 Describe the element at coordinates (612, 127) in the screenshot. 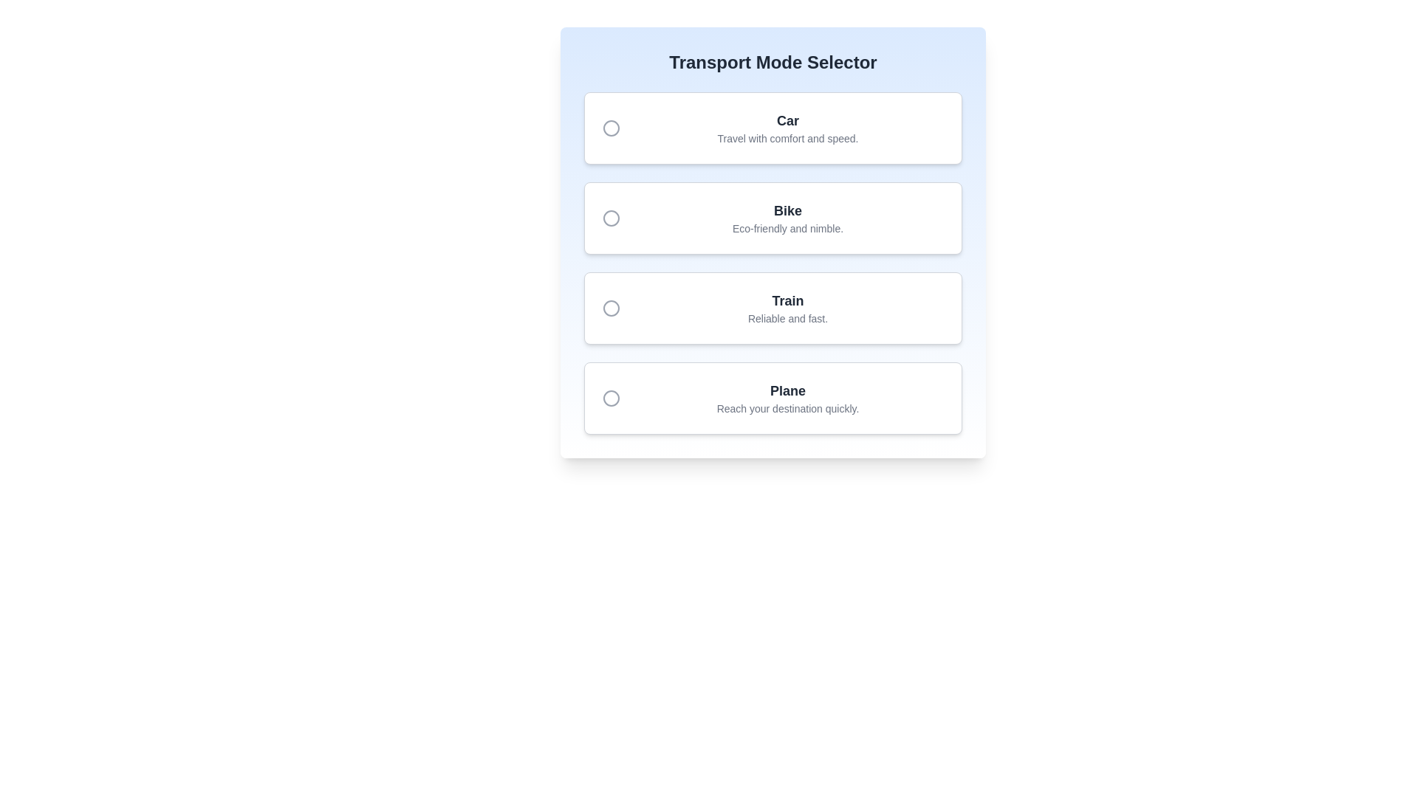

I see `the selectable icon, a minimalistic light gray circle with a border stroke, located to the left of the 'Car' text in the 'Transport Mode Selector', to indicate keyboard navigation` at that location.